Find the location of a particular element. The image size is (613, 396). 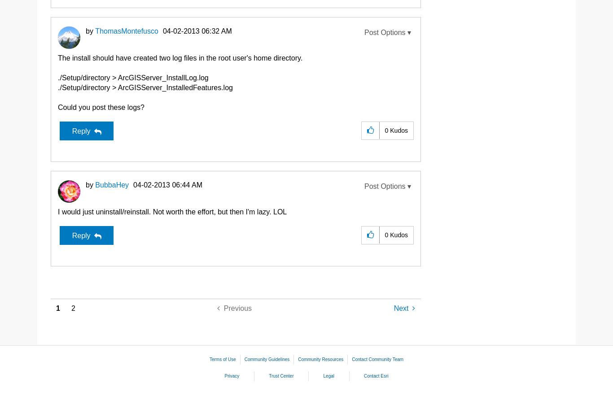

'Contact Community Team' is located at coordinates (377, 359).